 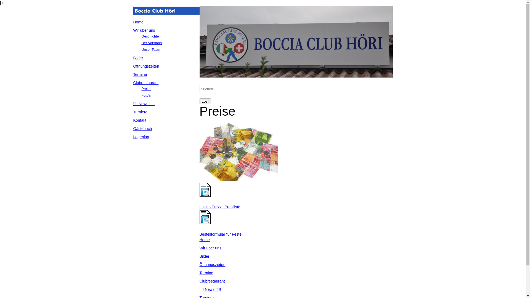 What do you see at coordinates (150, 36) in the screenshot?
I see `'Geschichte'` at bounding box center [150, 36].